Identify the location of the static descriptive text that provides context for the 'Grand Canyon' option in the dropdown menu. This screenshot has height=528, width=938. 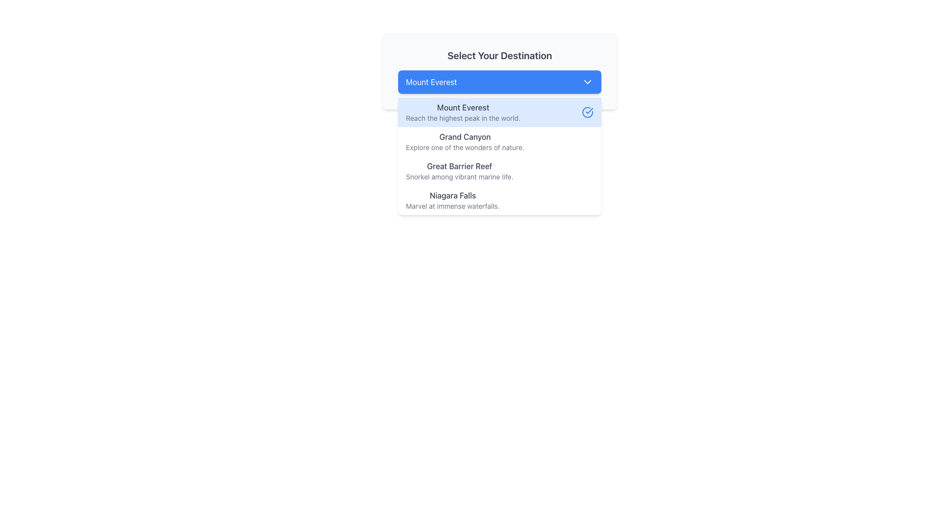
(465, 147).